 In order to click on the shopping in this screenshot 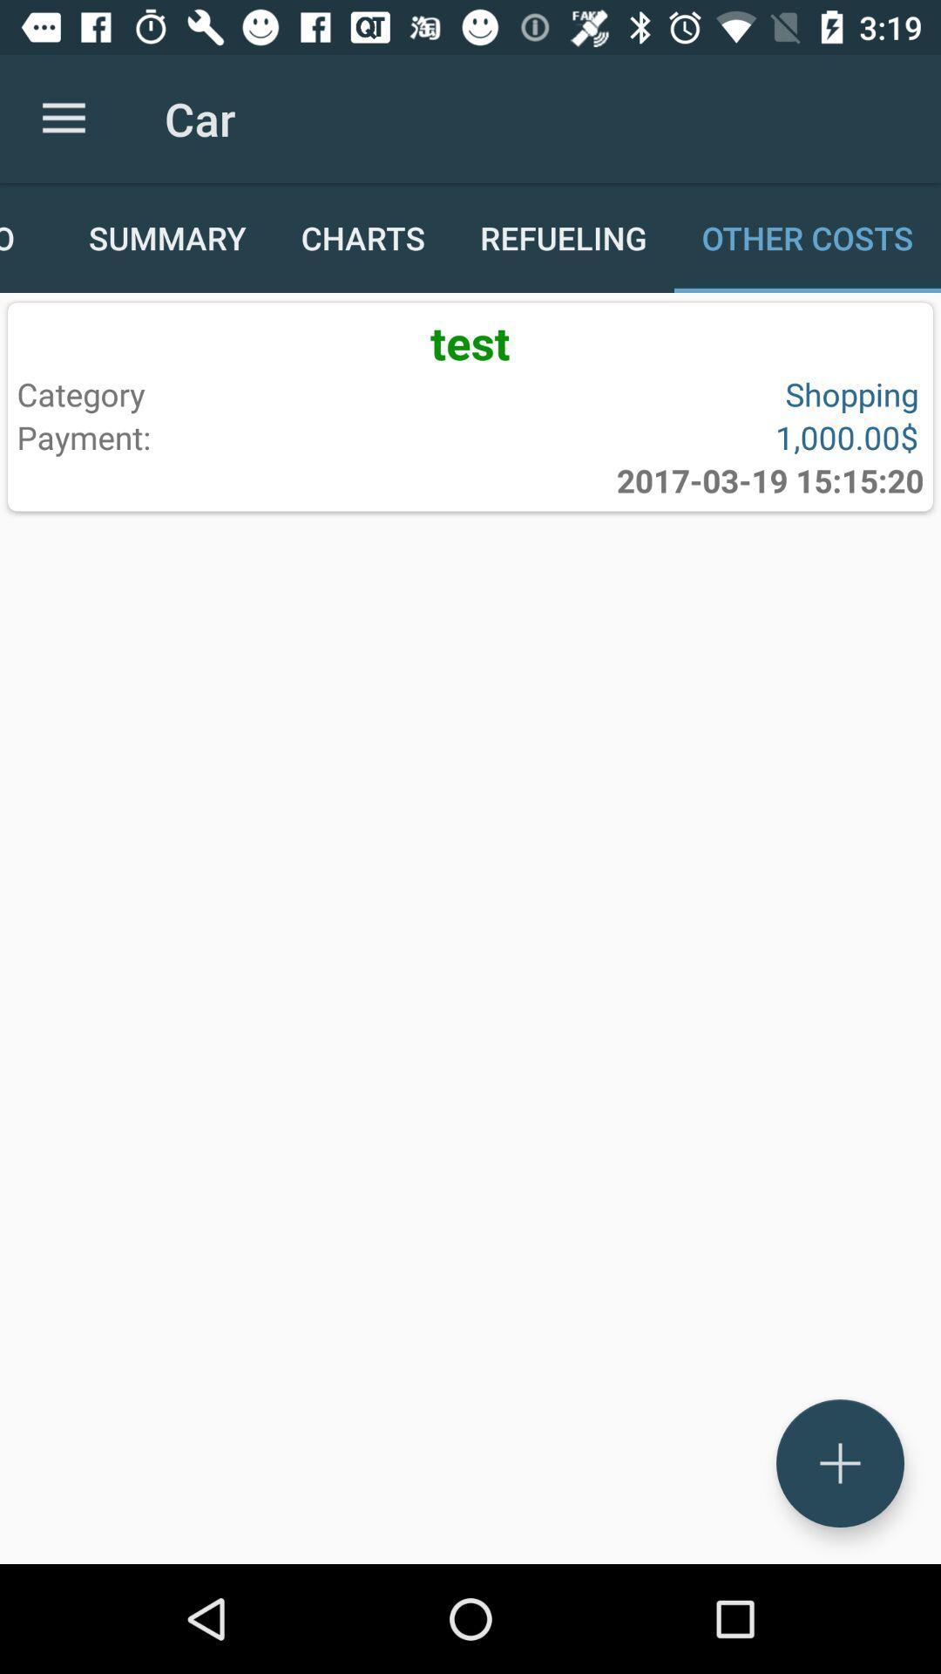, I will do `click(690, 393)`.